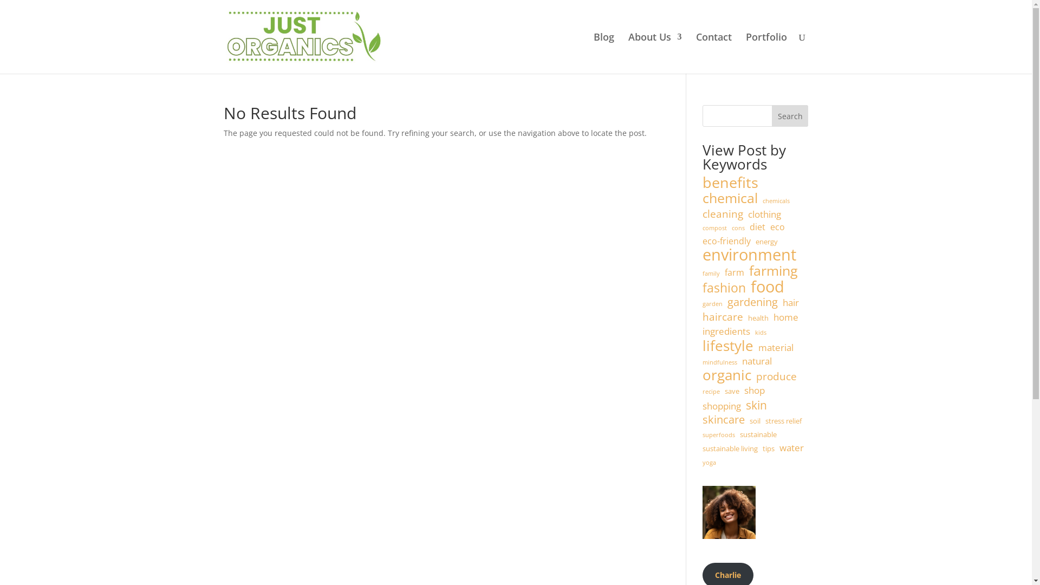  Describe the element at coordinates (758, 317) in the screenshot. I see `'health'` at that location.